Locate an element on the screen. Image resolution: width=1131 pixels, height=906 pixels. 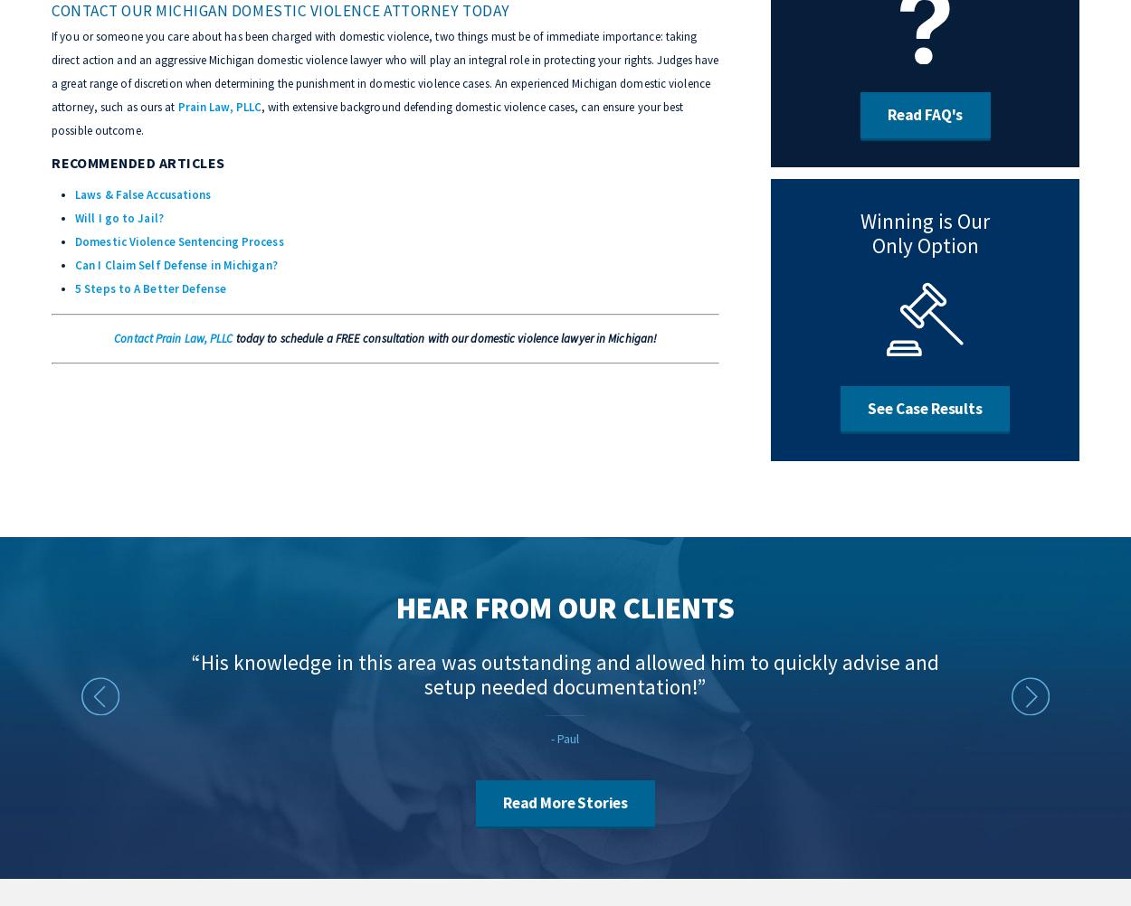
'“His knowledge in this area was outstanding and allowed him to quickly advise and setup needed documentation!”' is located at coordinates (564, 674).